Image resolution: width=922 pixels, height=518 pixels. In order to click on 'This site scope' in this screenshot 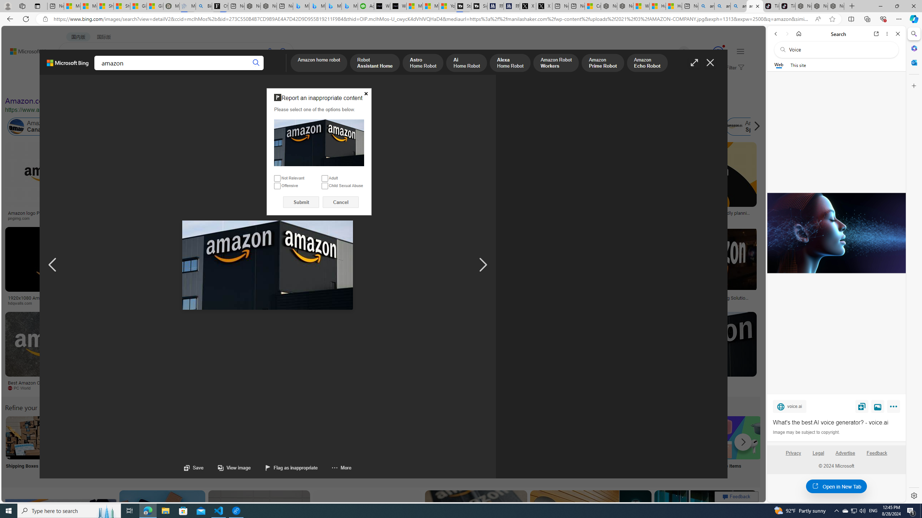, I will do `click(797, 65)`.